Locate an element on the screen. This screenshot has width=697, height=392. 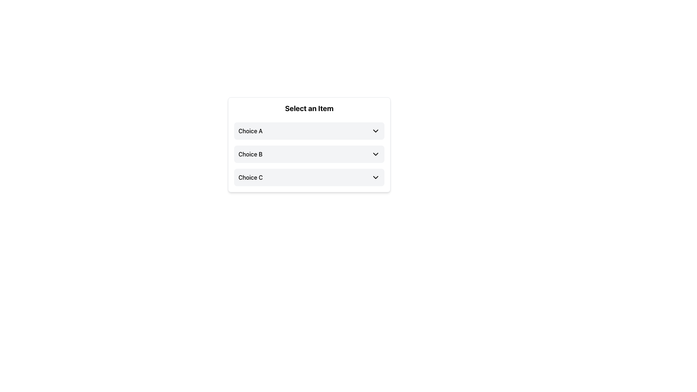
the static text element that serves as a label for the dropdown row, located in the second row of the list, directly below 'Choice A' and above 'Choice C' is located at coordinates (250, 154).